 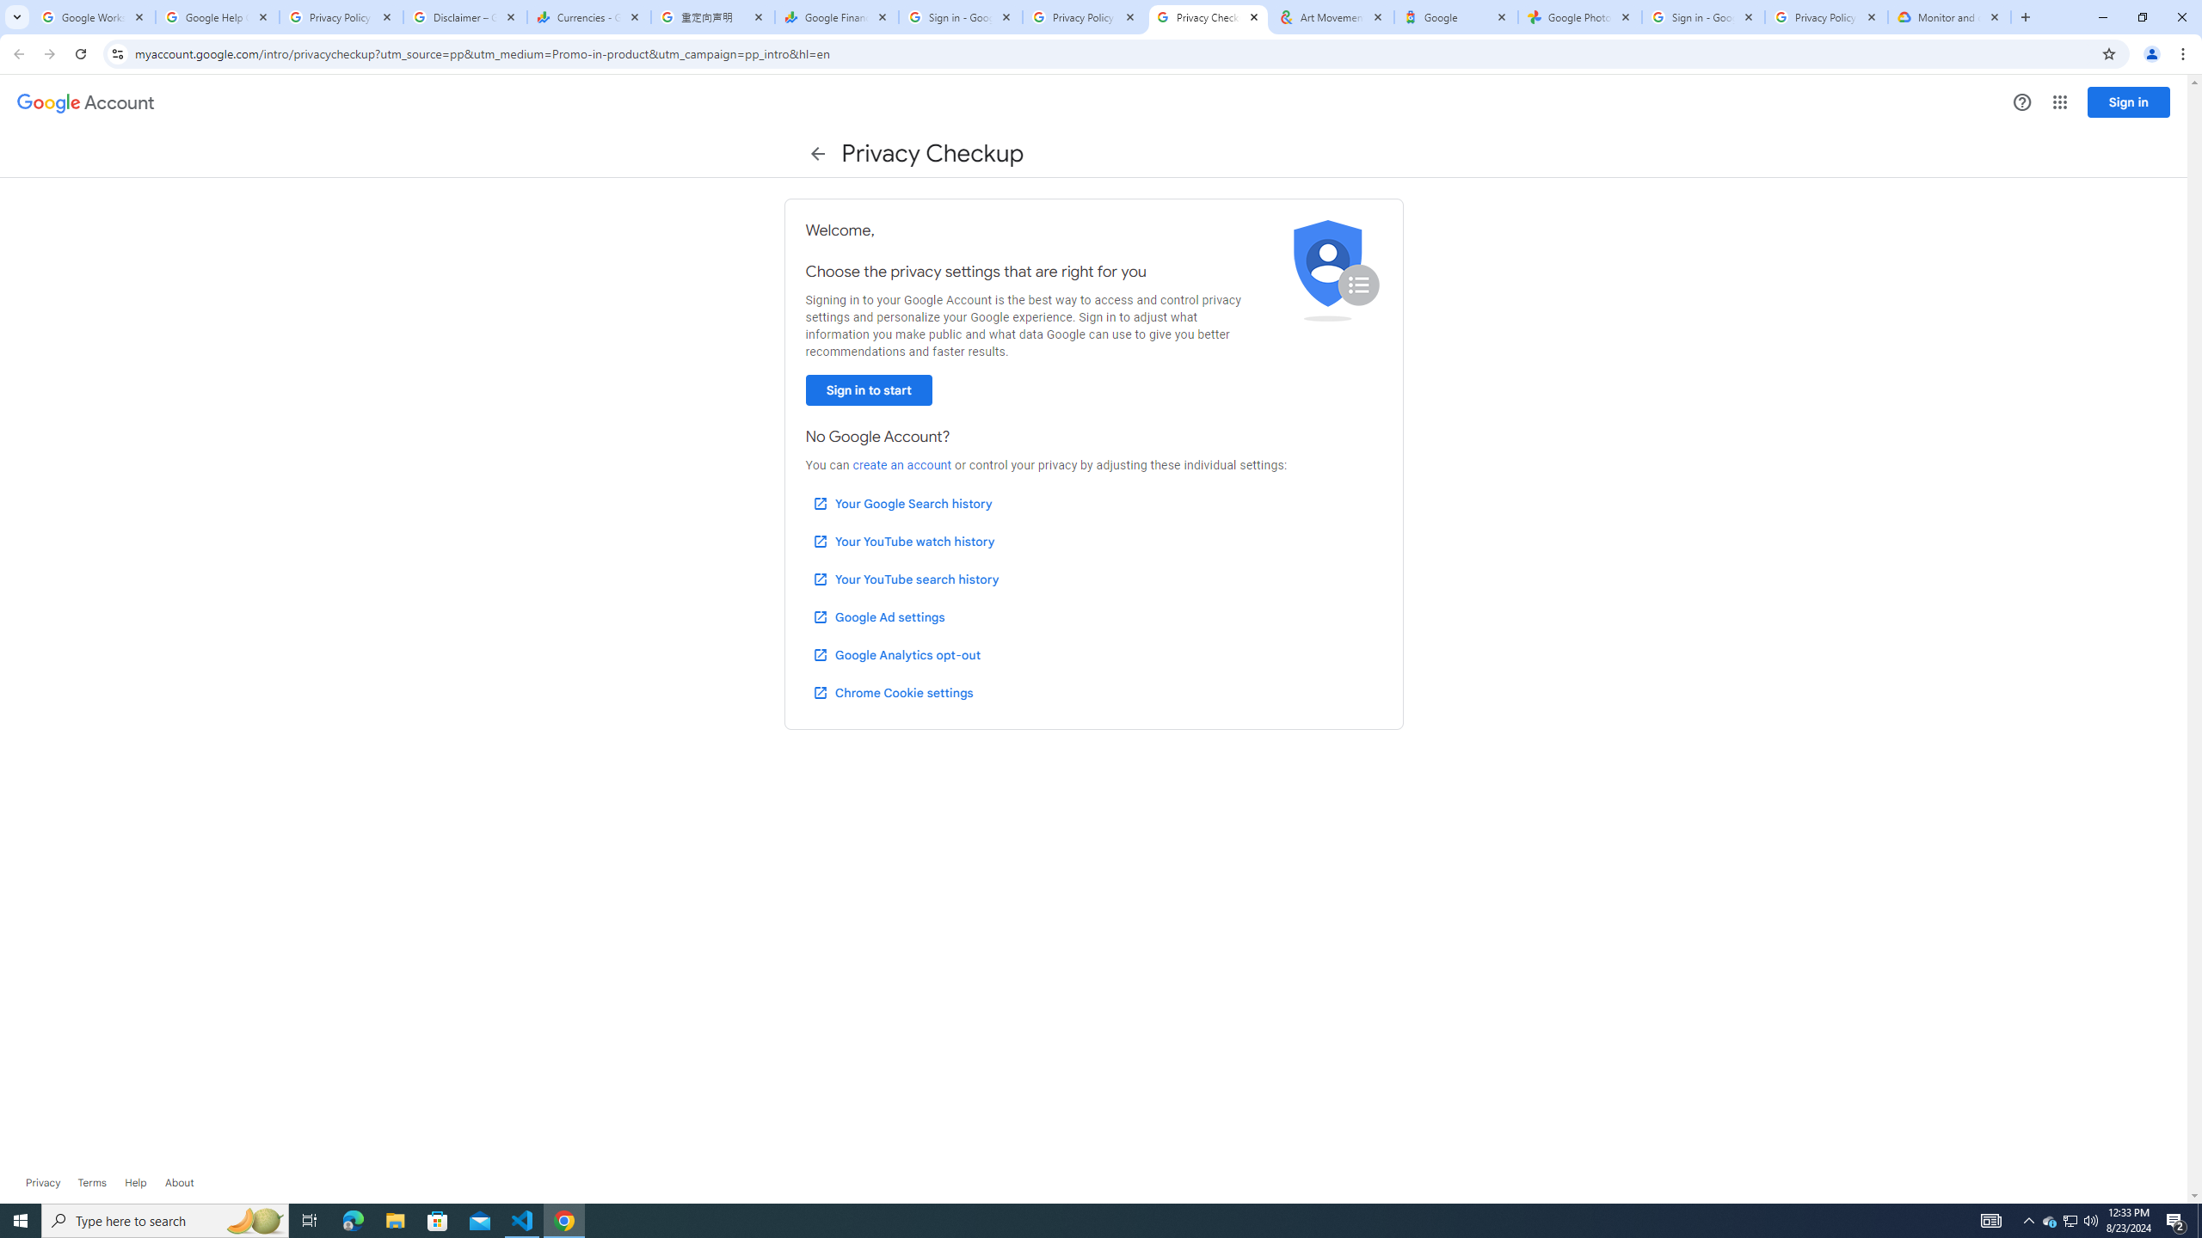 I want to click on 'Sign in to start', so click(x=867, y=389).